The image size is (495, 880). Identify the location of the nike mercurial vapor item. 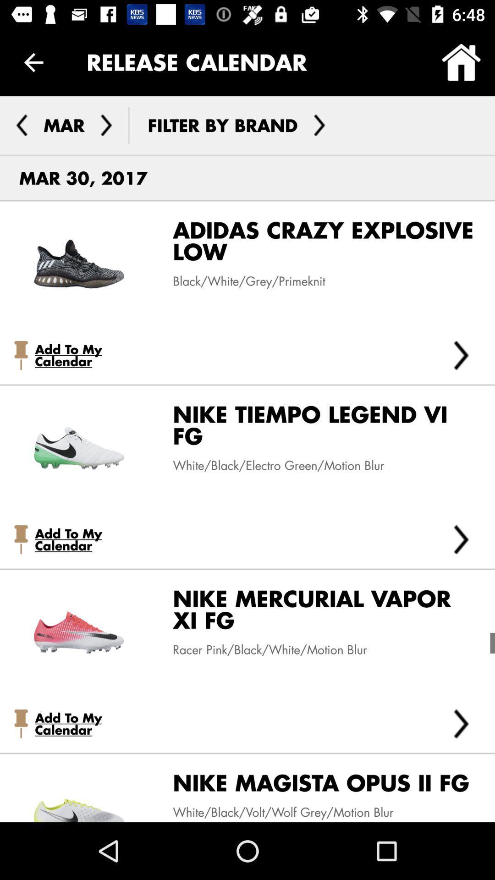
(316, 613).